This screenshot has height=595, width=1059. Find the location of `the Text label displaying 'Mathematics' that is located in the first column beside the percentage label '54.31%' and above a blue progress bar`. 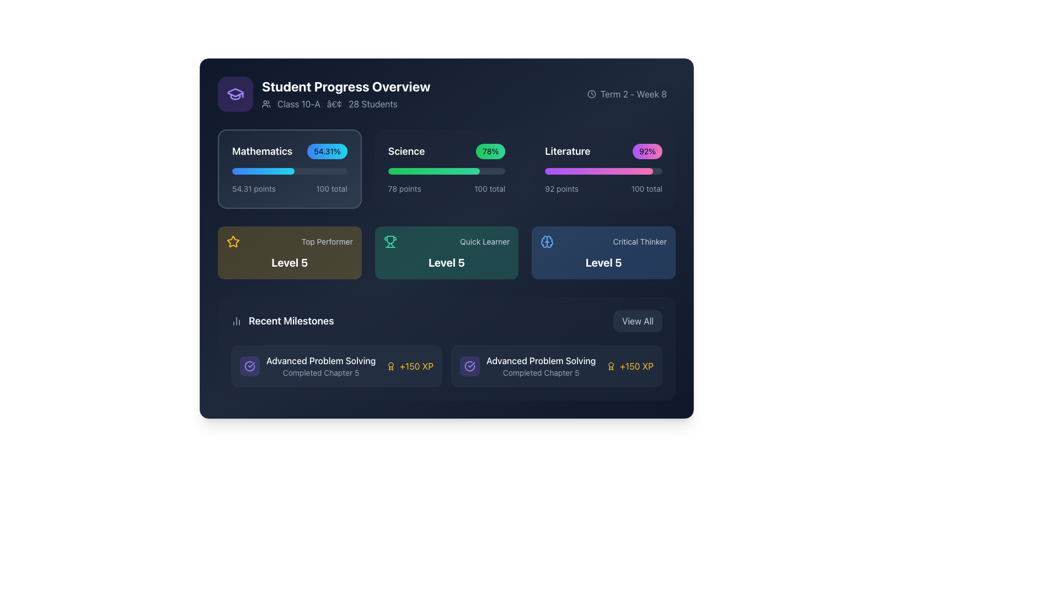

the Text label displaying 'Mathematics' that is located in the first column beside the percentage label '54.31%' and above a blue progress bar is located at coordinates (261, 151).